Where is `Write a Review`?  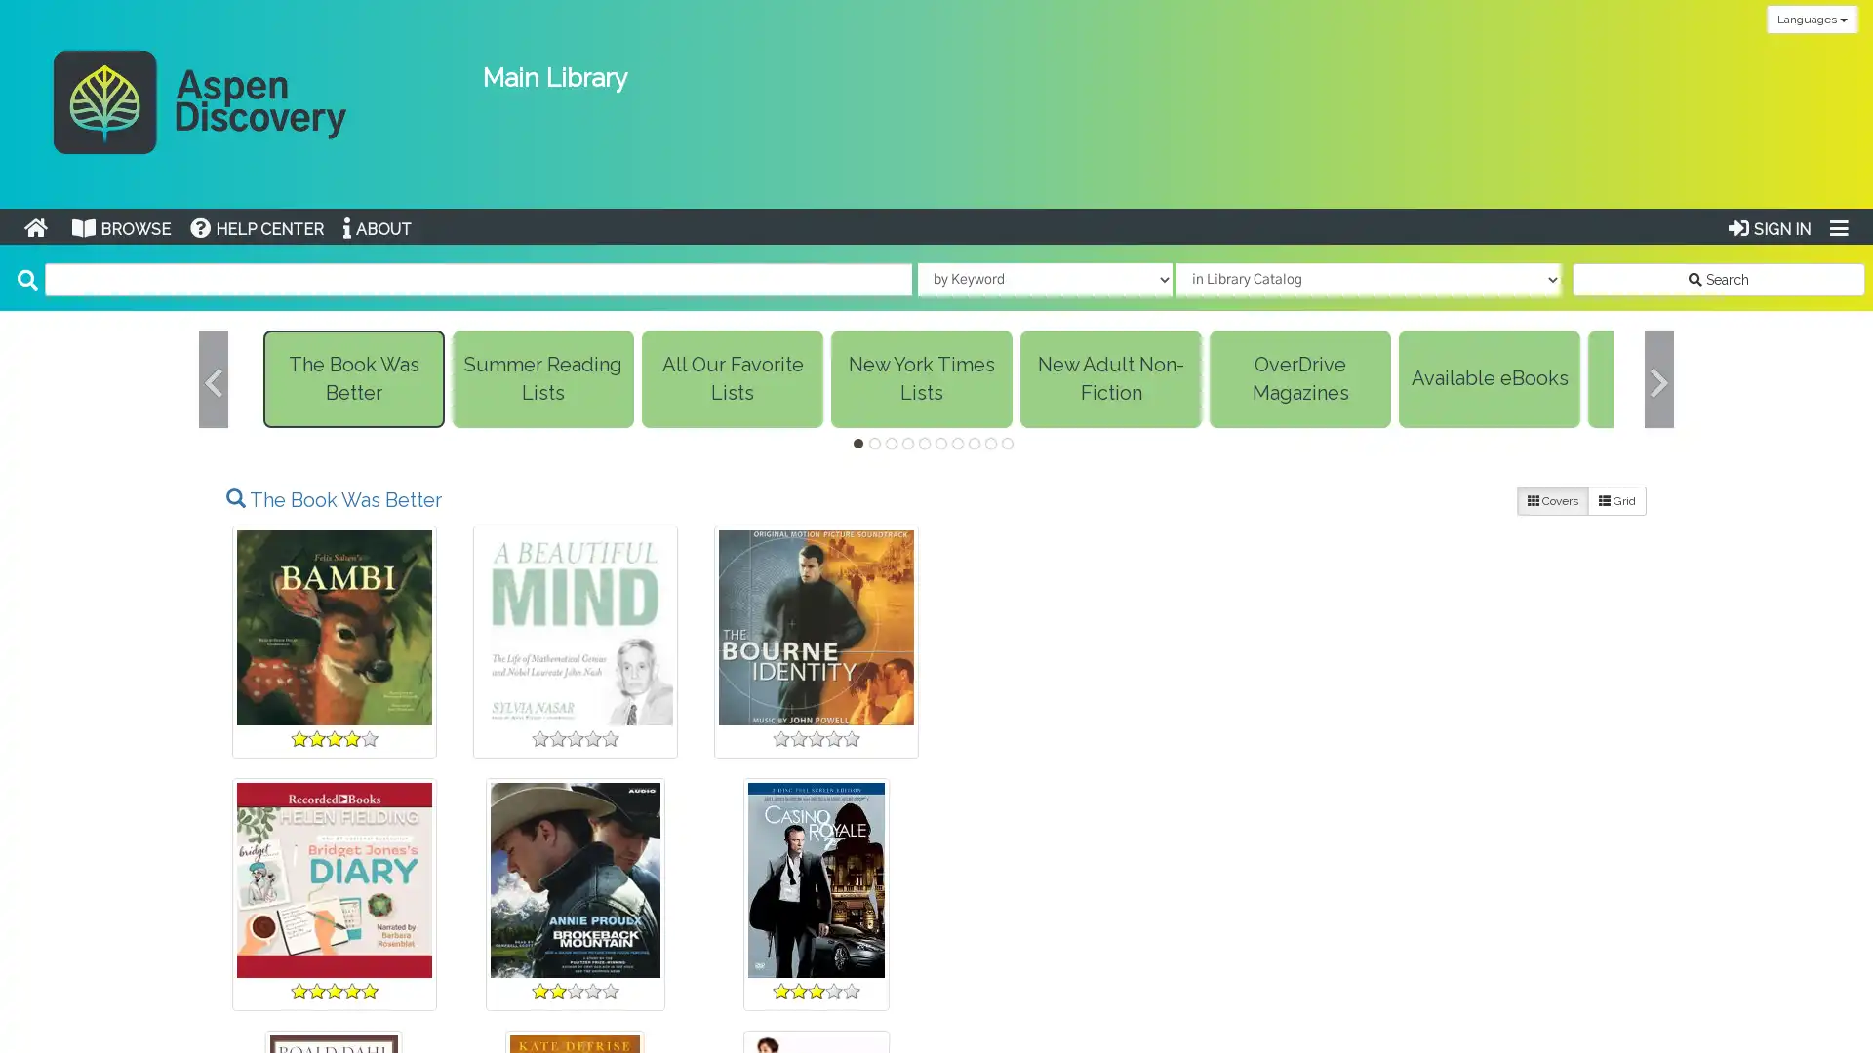
Write a Review is located at coordinates (815, 740).